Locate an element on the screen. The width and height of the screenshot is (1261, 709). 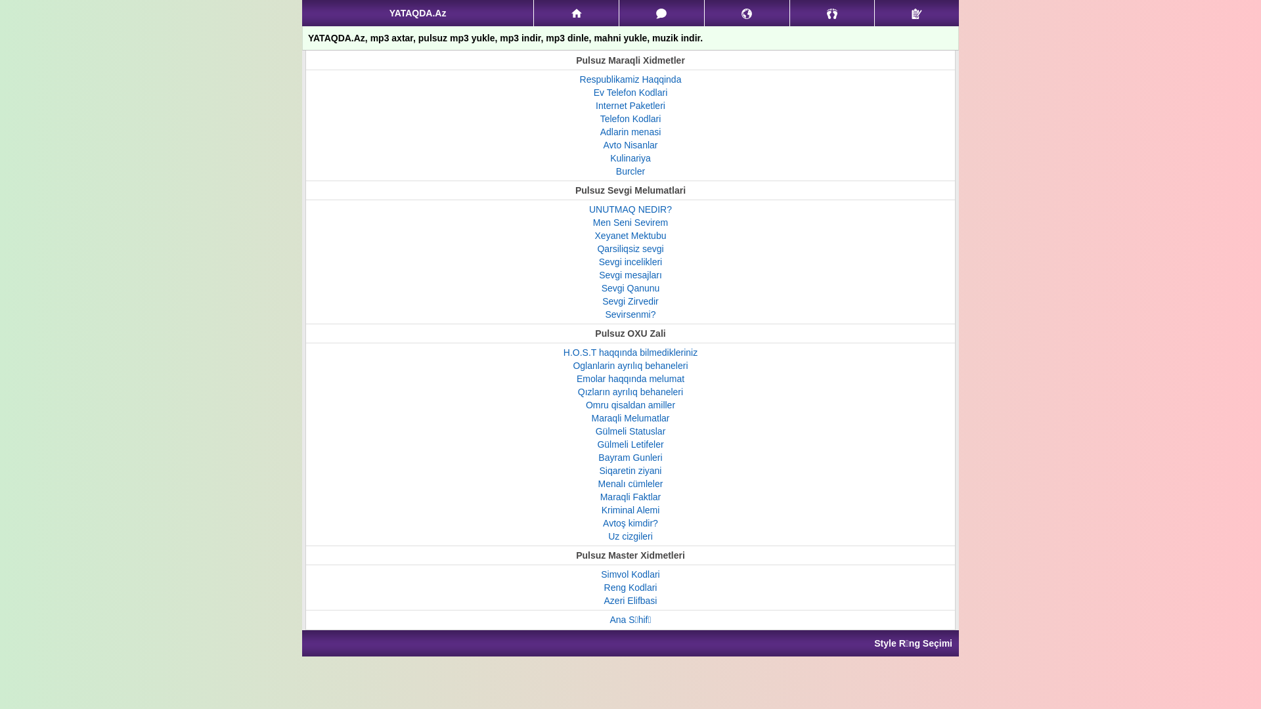
'Telefon Kodlari' is located at coordinates (630, 119).